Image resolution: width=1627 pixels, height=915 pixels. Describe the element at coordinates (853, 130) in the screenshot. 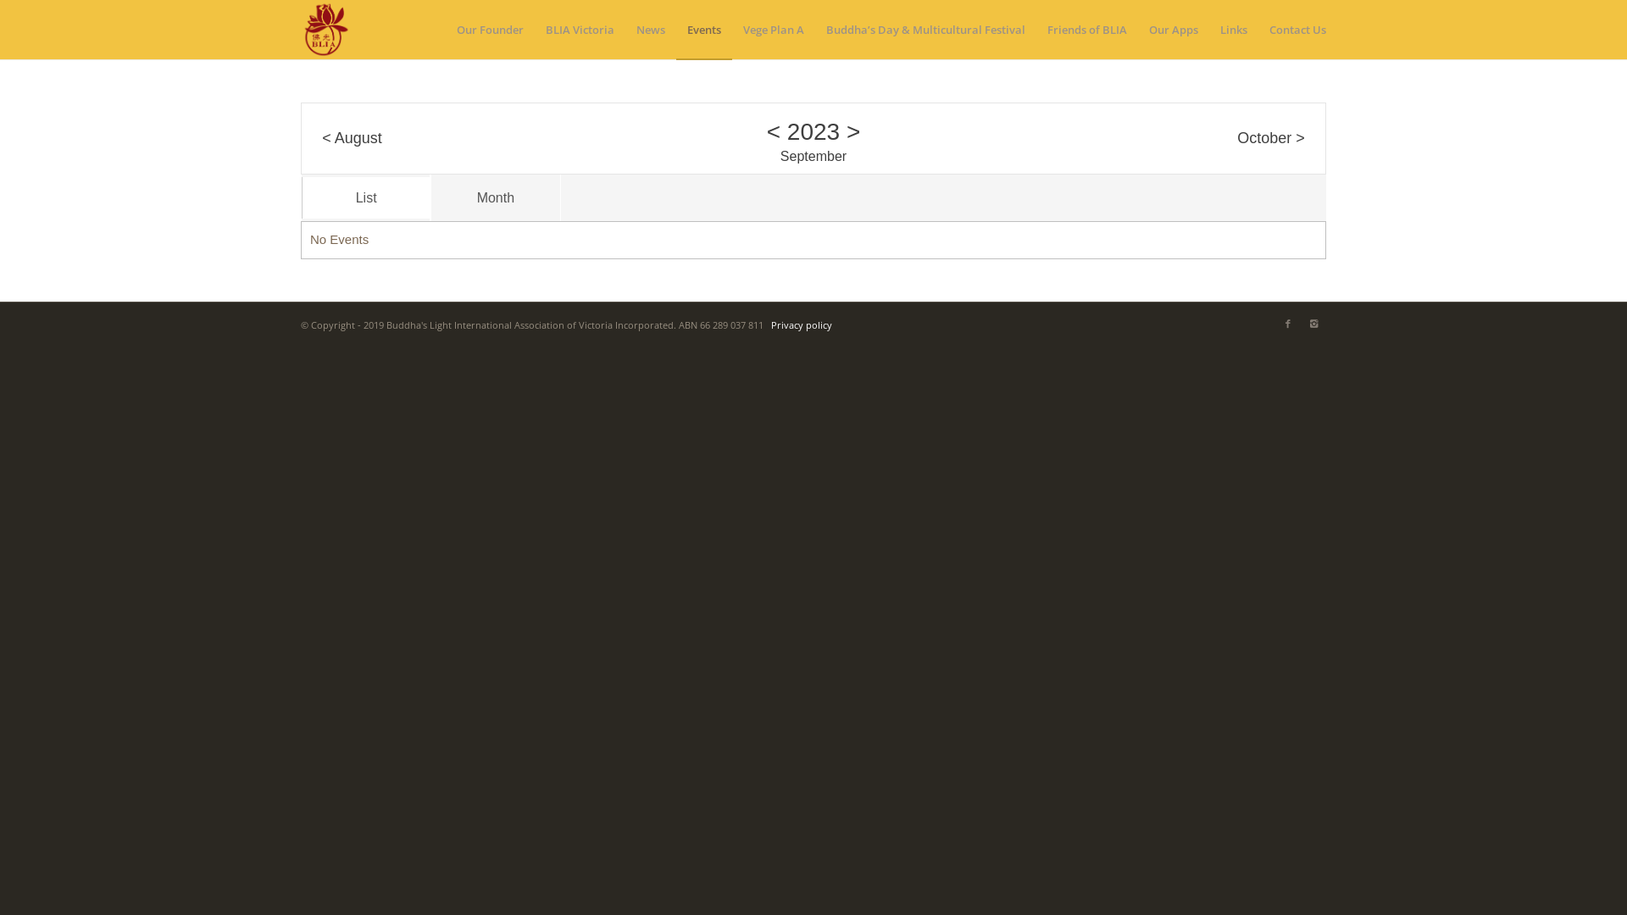

I see `'>'` at that location.